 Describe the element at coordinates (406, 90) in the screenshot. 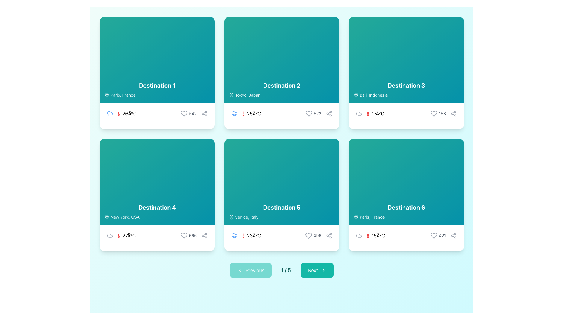

I see `the Text block displaying the name and location of the destination in the 'Destination 3' card, located in the top-right quadrant of the grid layout` at that location.